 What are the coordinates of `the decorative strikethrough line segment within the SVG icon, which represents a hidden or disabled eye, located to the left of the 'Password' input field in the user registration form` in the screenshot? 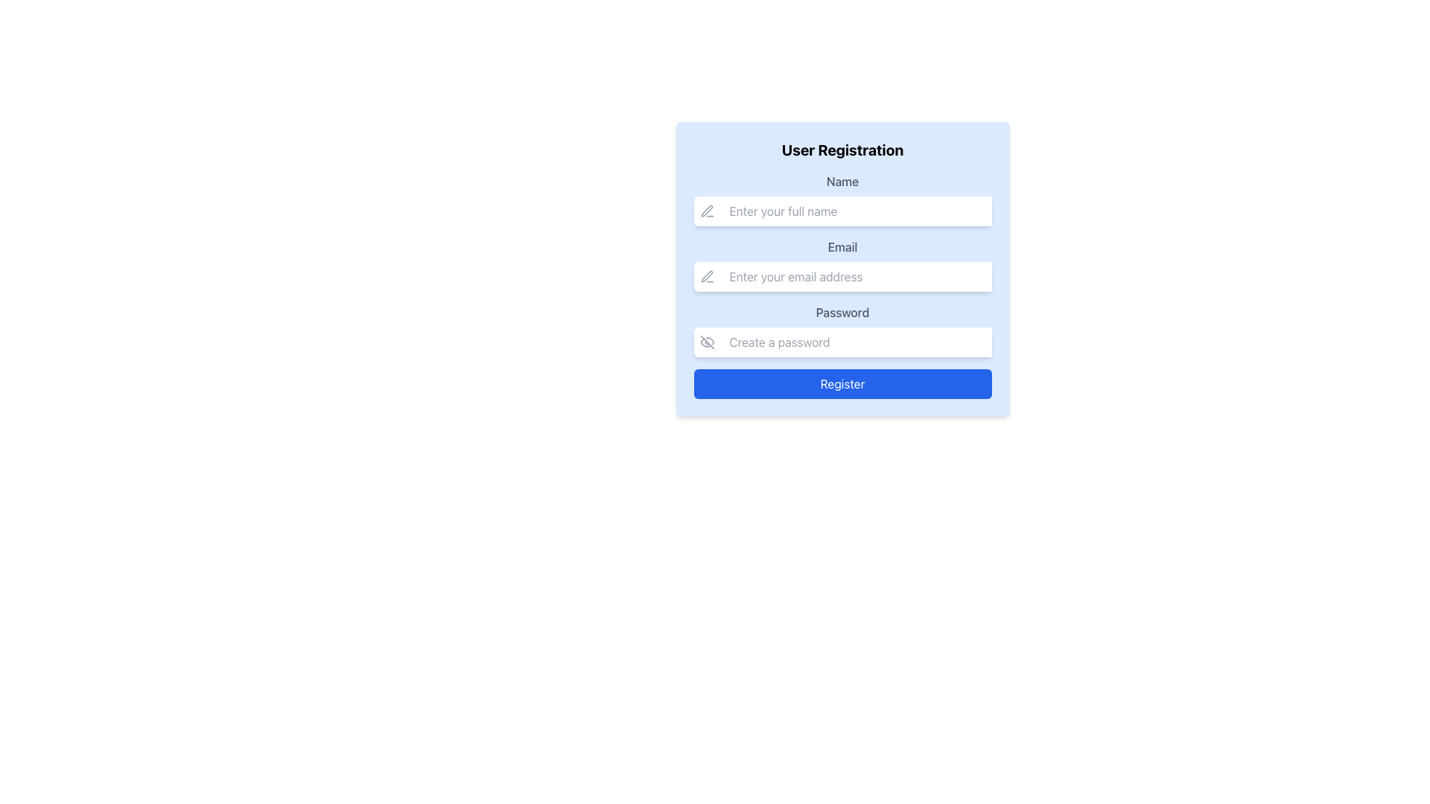 It's located at (706, 342).